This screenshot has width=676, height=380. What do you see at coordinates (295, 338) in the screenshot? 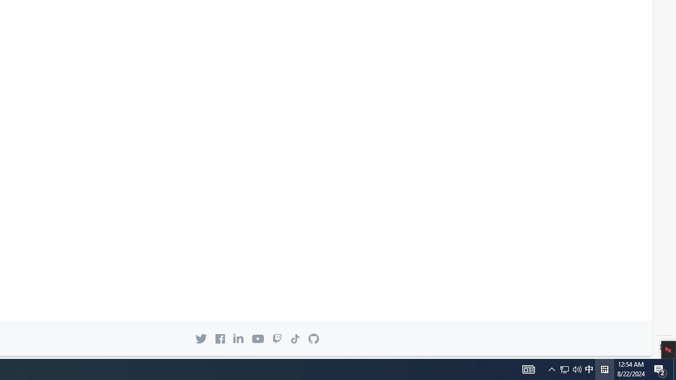
I see `'TikTok icon GitHub on TikTok'` at bounding box center [295, 338].